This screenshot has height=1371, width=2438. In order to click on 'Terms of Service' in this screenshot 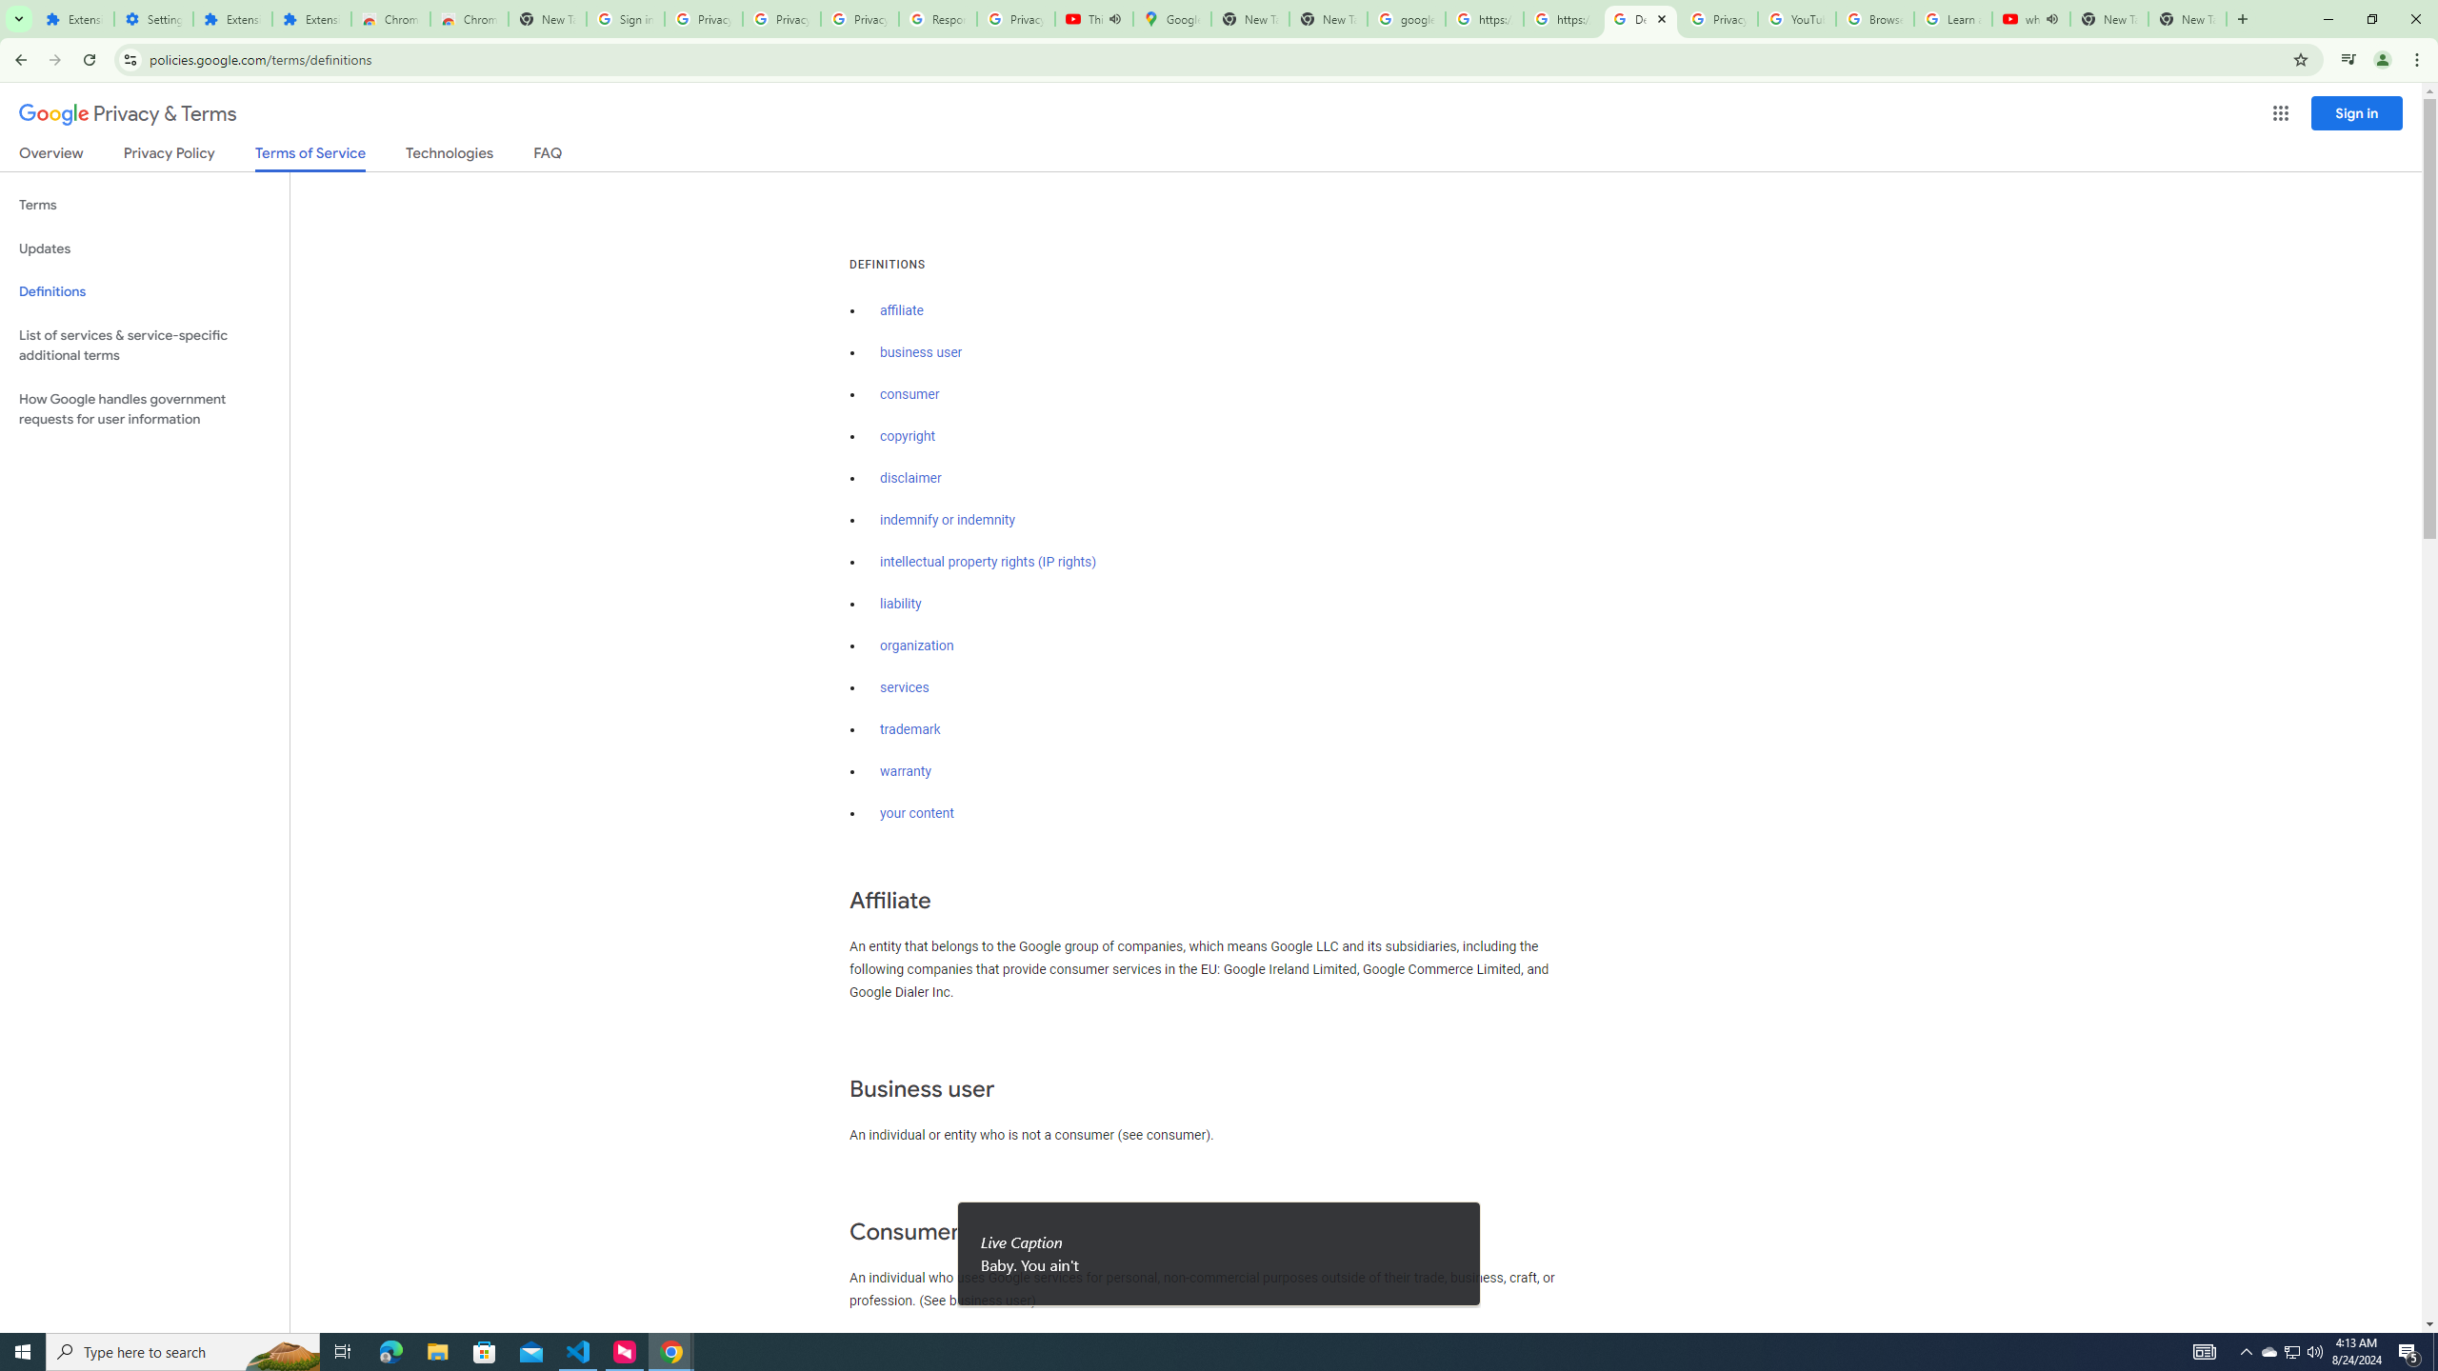, I will do `click(310, 157)`.